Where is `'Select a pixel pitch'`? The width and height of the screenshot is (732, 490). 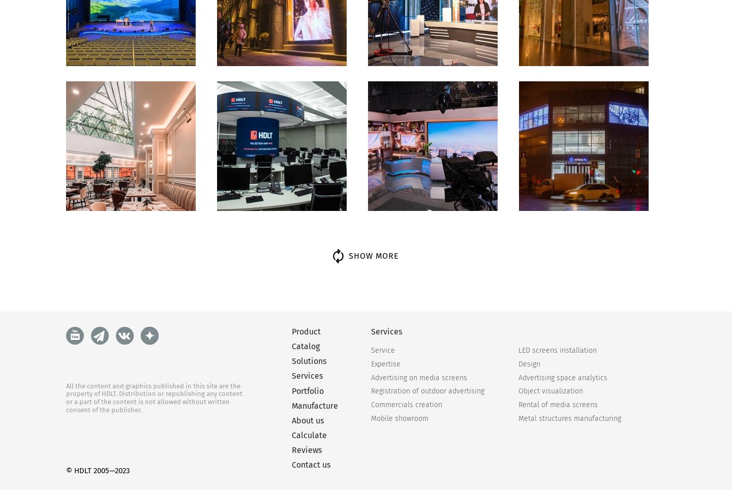 'Select a pixel pitch' is located at coordinates (411, 408).